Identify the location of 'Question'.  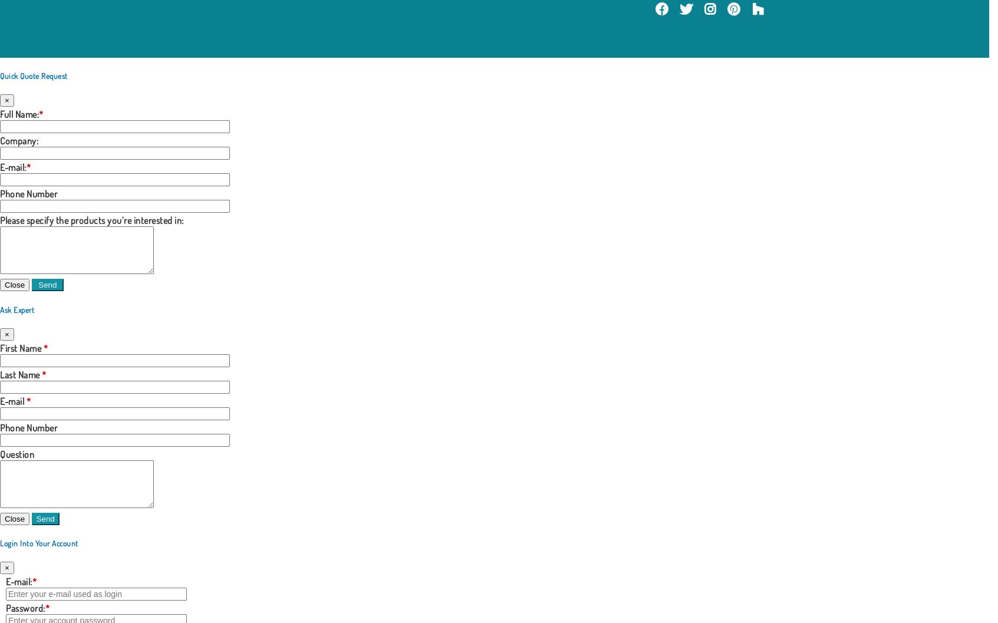
(16, 454).